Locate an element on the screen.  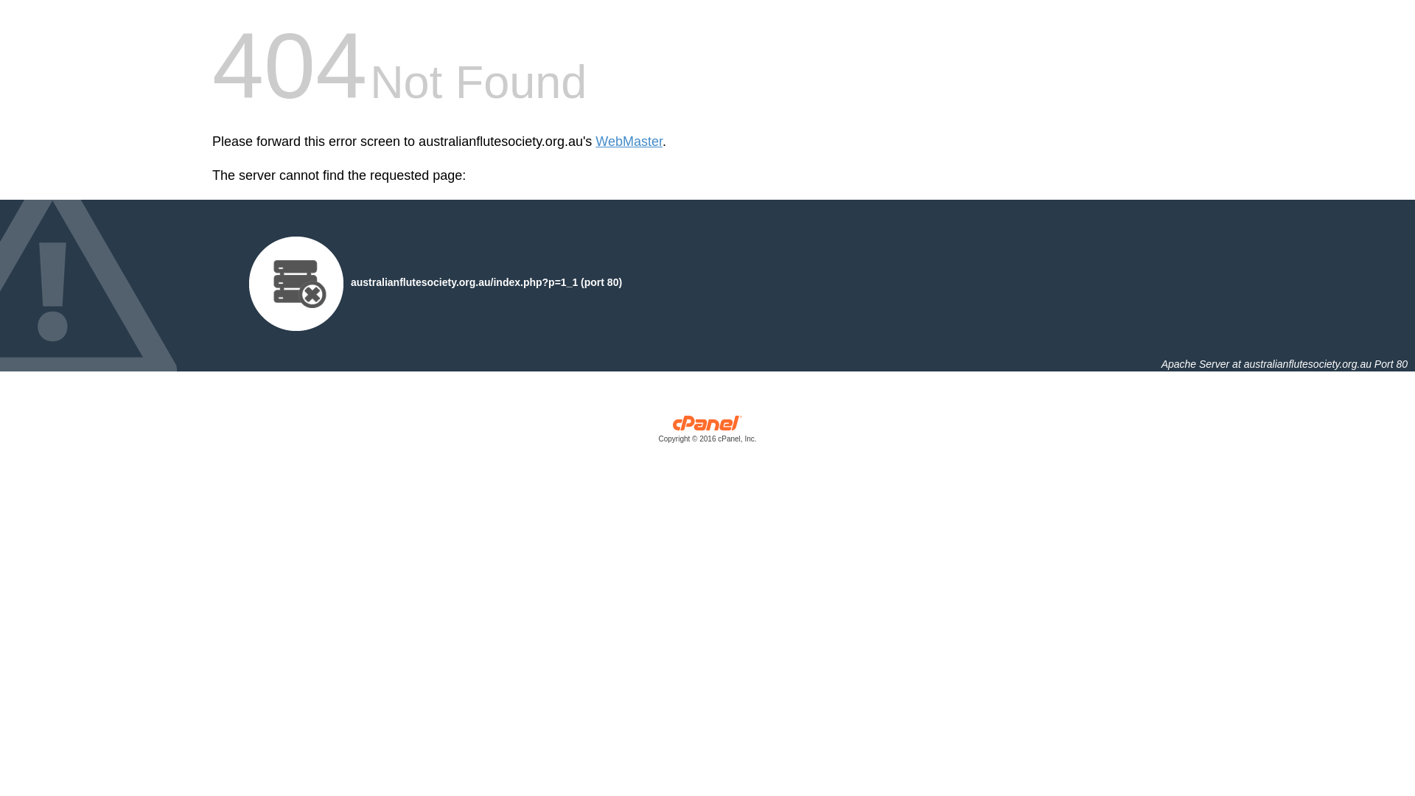
'WebMaster' is located at coordinates (629, 142).